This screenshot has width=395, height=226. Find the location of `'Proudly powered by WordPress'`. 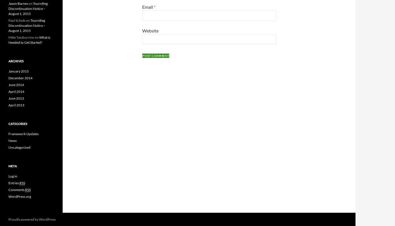

'Proudly powered by WordPress' is located at coordinates (32, 219).